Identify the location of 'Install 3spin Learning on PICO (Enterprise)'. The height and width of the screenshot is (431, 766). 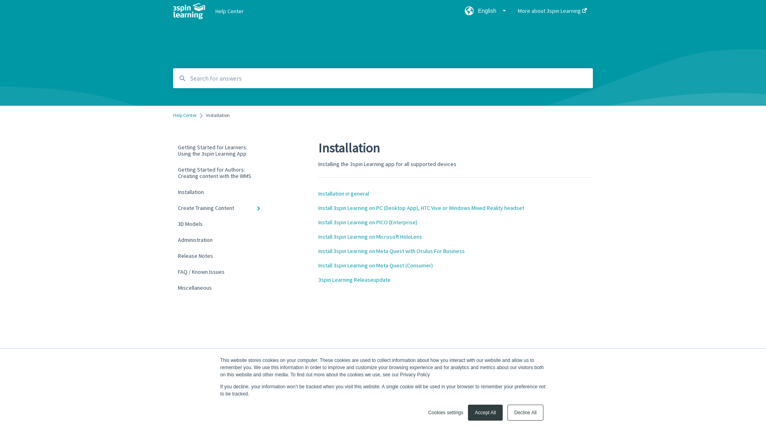
(367, 222).